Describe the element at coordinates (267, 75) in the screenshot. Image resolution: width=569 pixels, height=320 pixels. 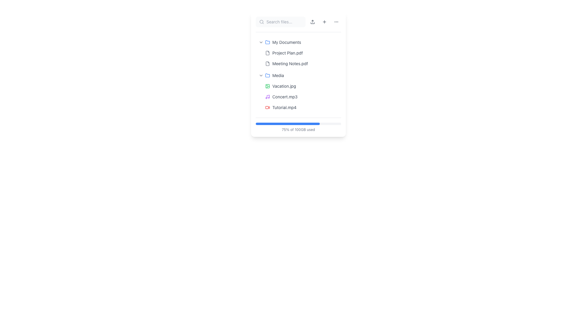
I see `the folder icon representing the 'Media' folder in the file navigation list` at that location.